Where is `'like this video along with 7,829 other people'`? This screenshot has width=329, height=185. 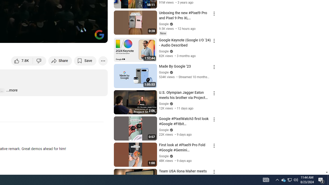 'like this video along with 7,829 other people' is located at coordinates (22, 60).